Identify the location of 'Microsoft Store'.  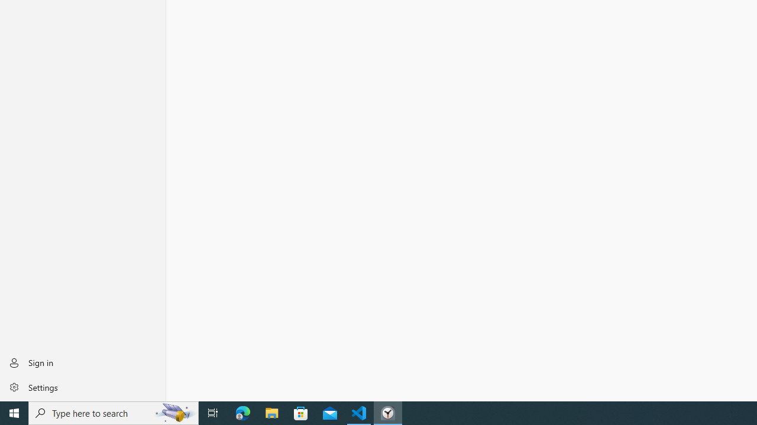
(301, 412).